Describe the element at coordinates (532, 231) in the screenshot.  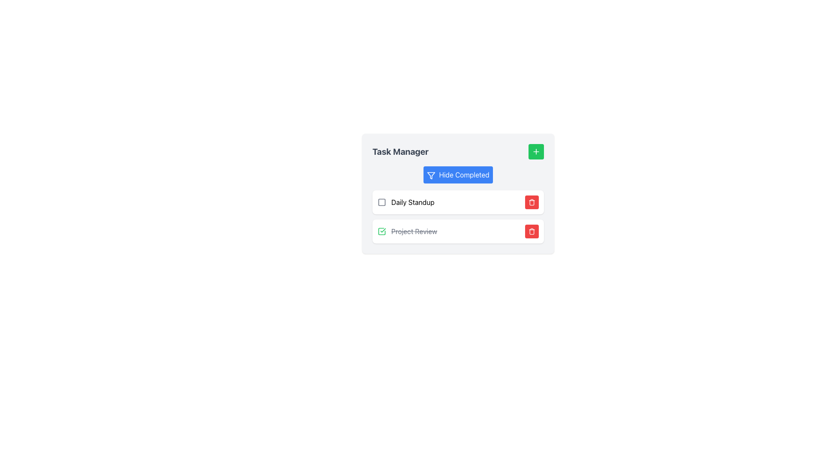
I see `the delete button associated with the task labeled 'Project Review' to change its background color` at that location.